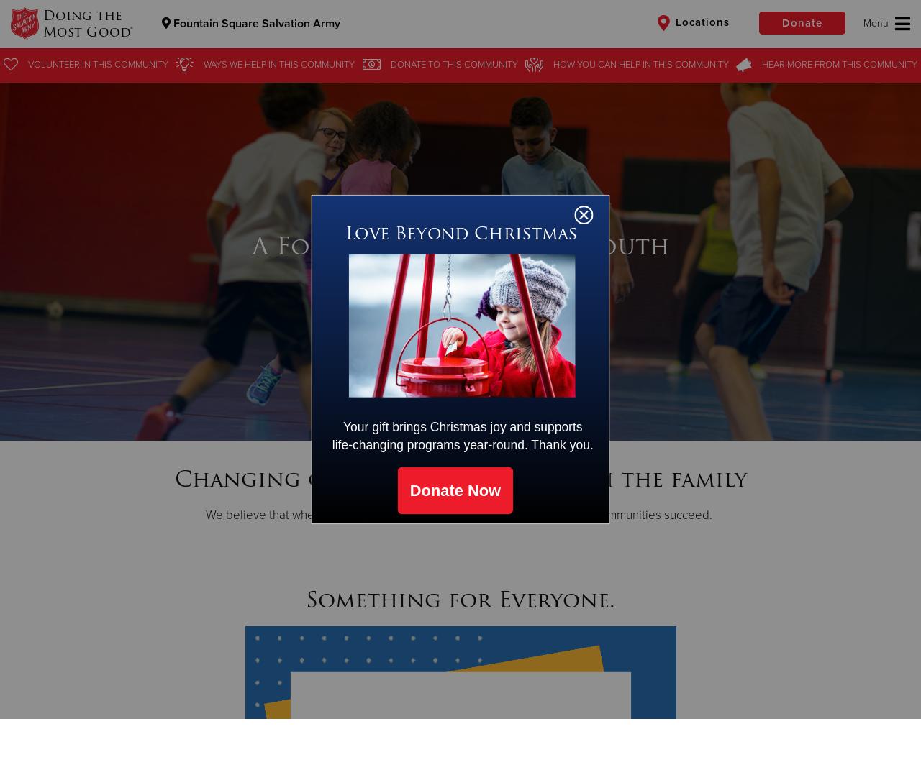 The image size is (921, 775). What do you see at coordinates (203, 64) in the screenshot?
I see `'Ways we help'` at bounding box center [203, 64].